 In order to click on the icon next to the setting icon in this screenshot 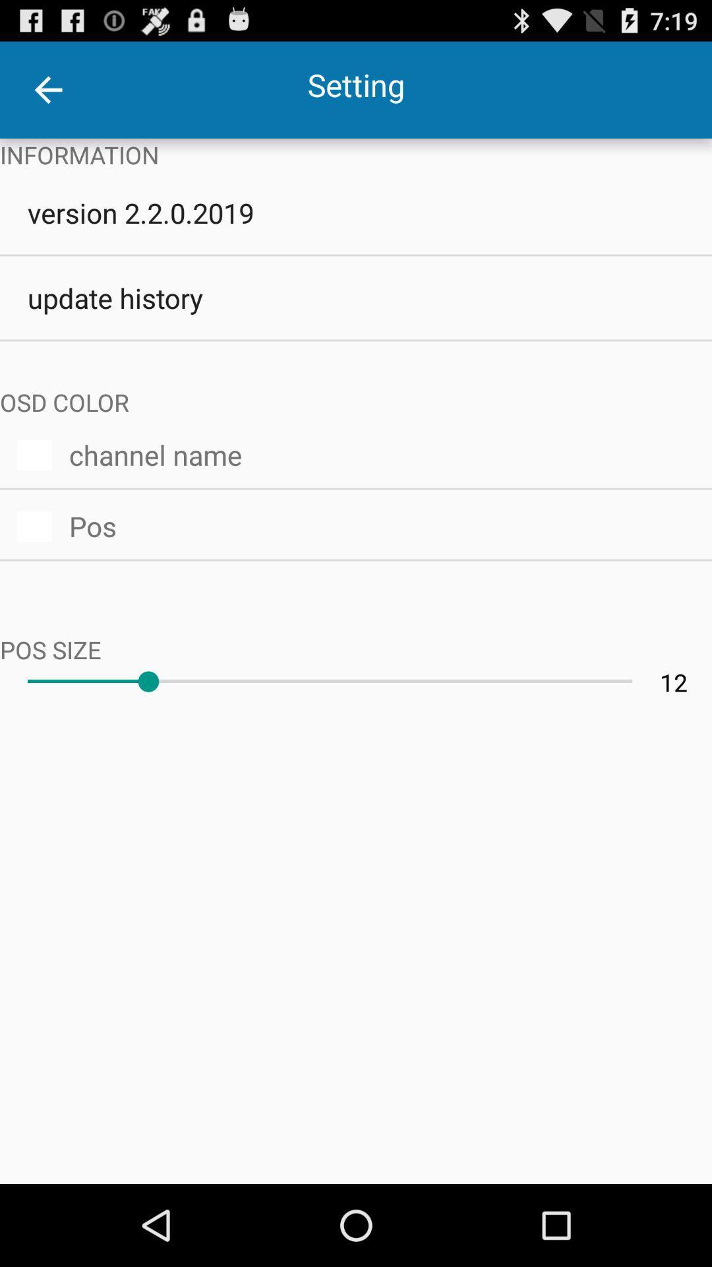, I will do `click(47, 89)`.